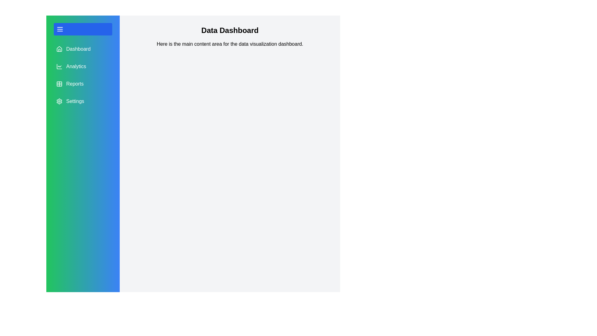 The image size is (597, 336). I want to click on the menu item Dashboard to observe its hover effect, so click(83, 49).